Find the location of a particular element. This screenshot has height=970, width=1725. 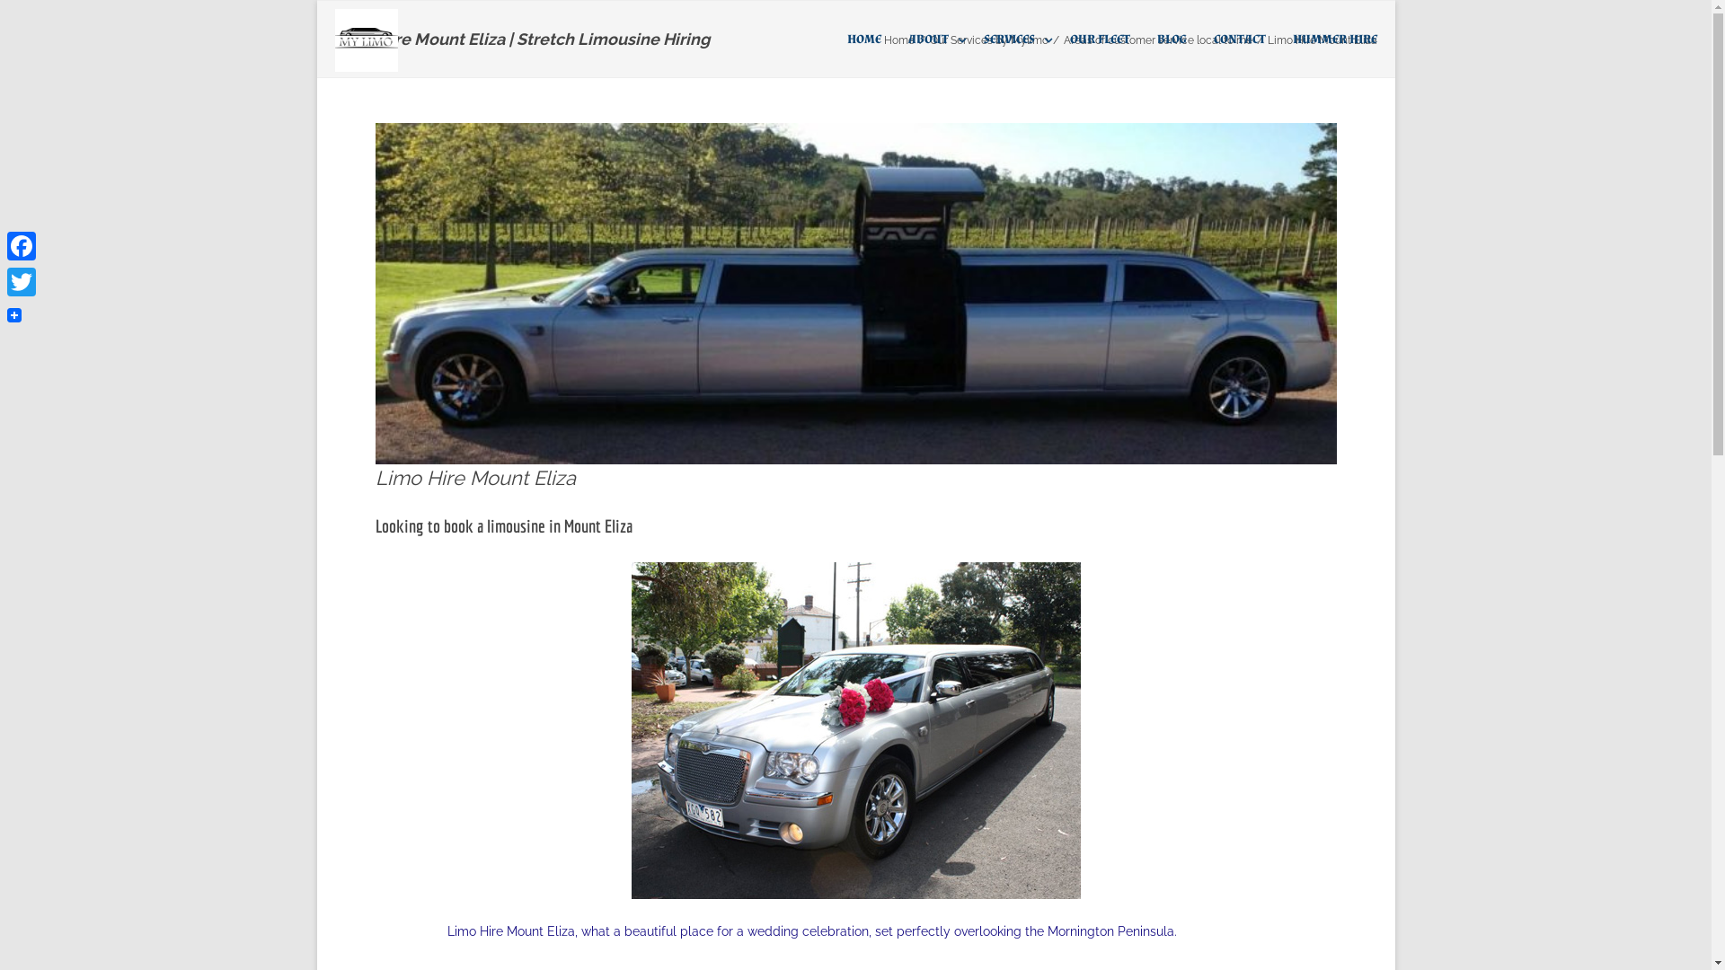

'HOME' is located at coordinates (862, 39).